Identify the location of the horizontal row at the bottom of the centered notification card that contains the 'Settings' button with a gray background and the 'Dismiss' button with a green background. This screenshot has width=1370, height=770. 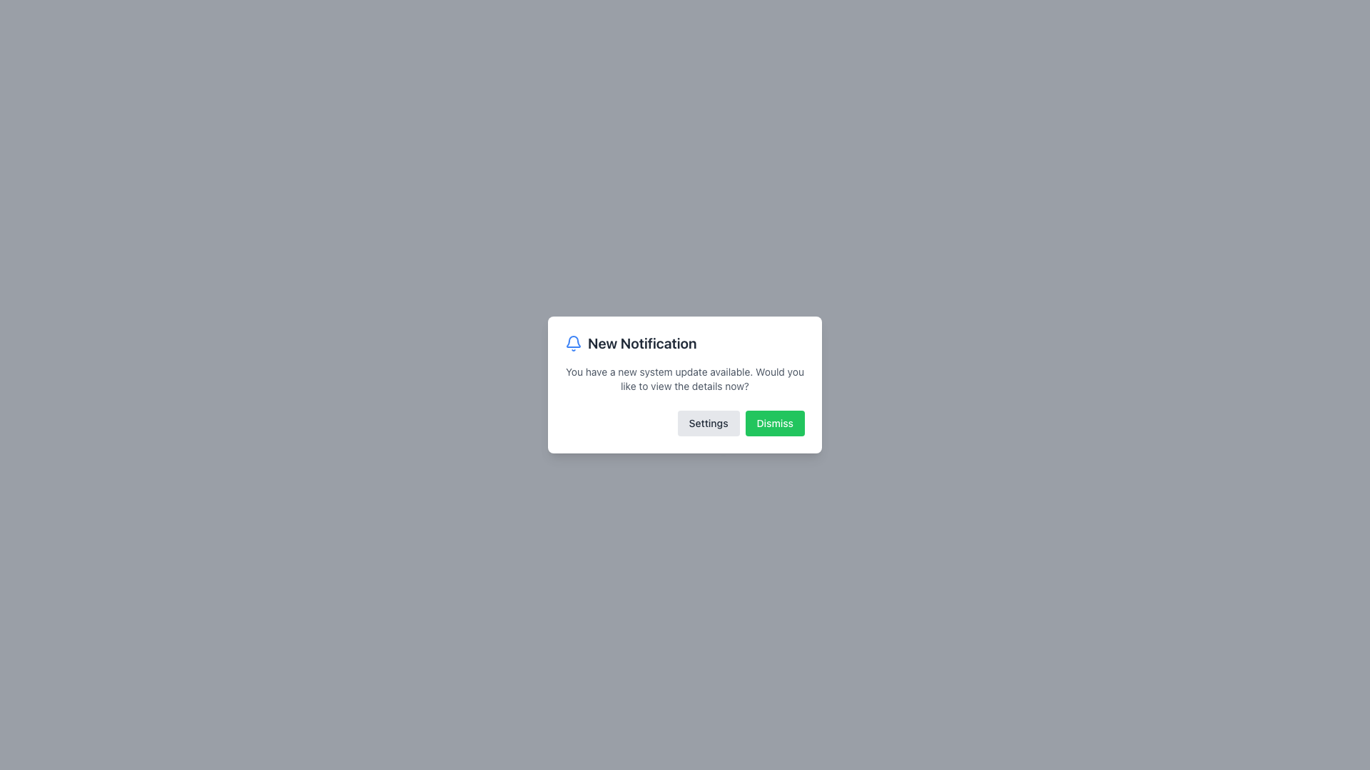
(685, 423).